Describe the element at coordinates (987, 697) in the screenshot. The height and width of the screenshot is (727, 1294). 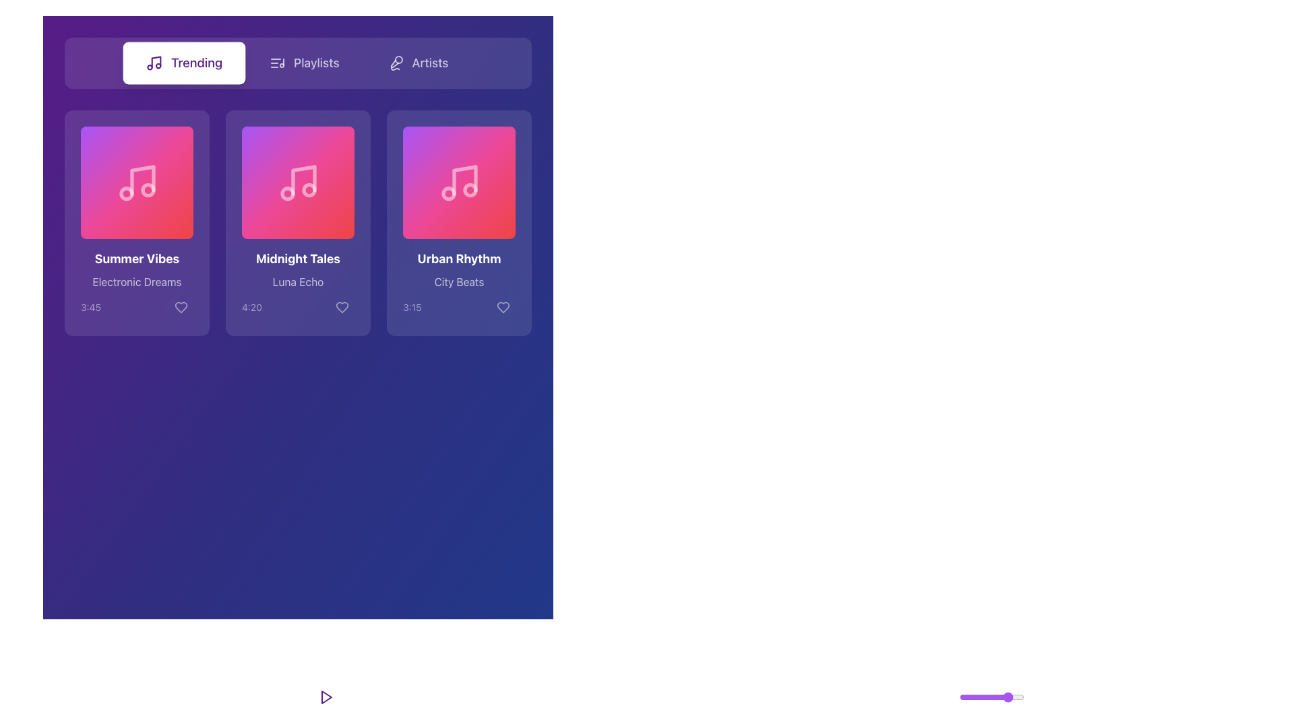
I see `the slider` at that location.